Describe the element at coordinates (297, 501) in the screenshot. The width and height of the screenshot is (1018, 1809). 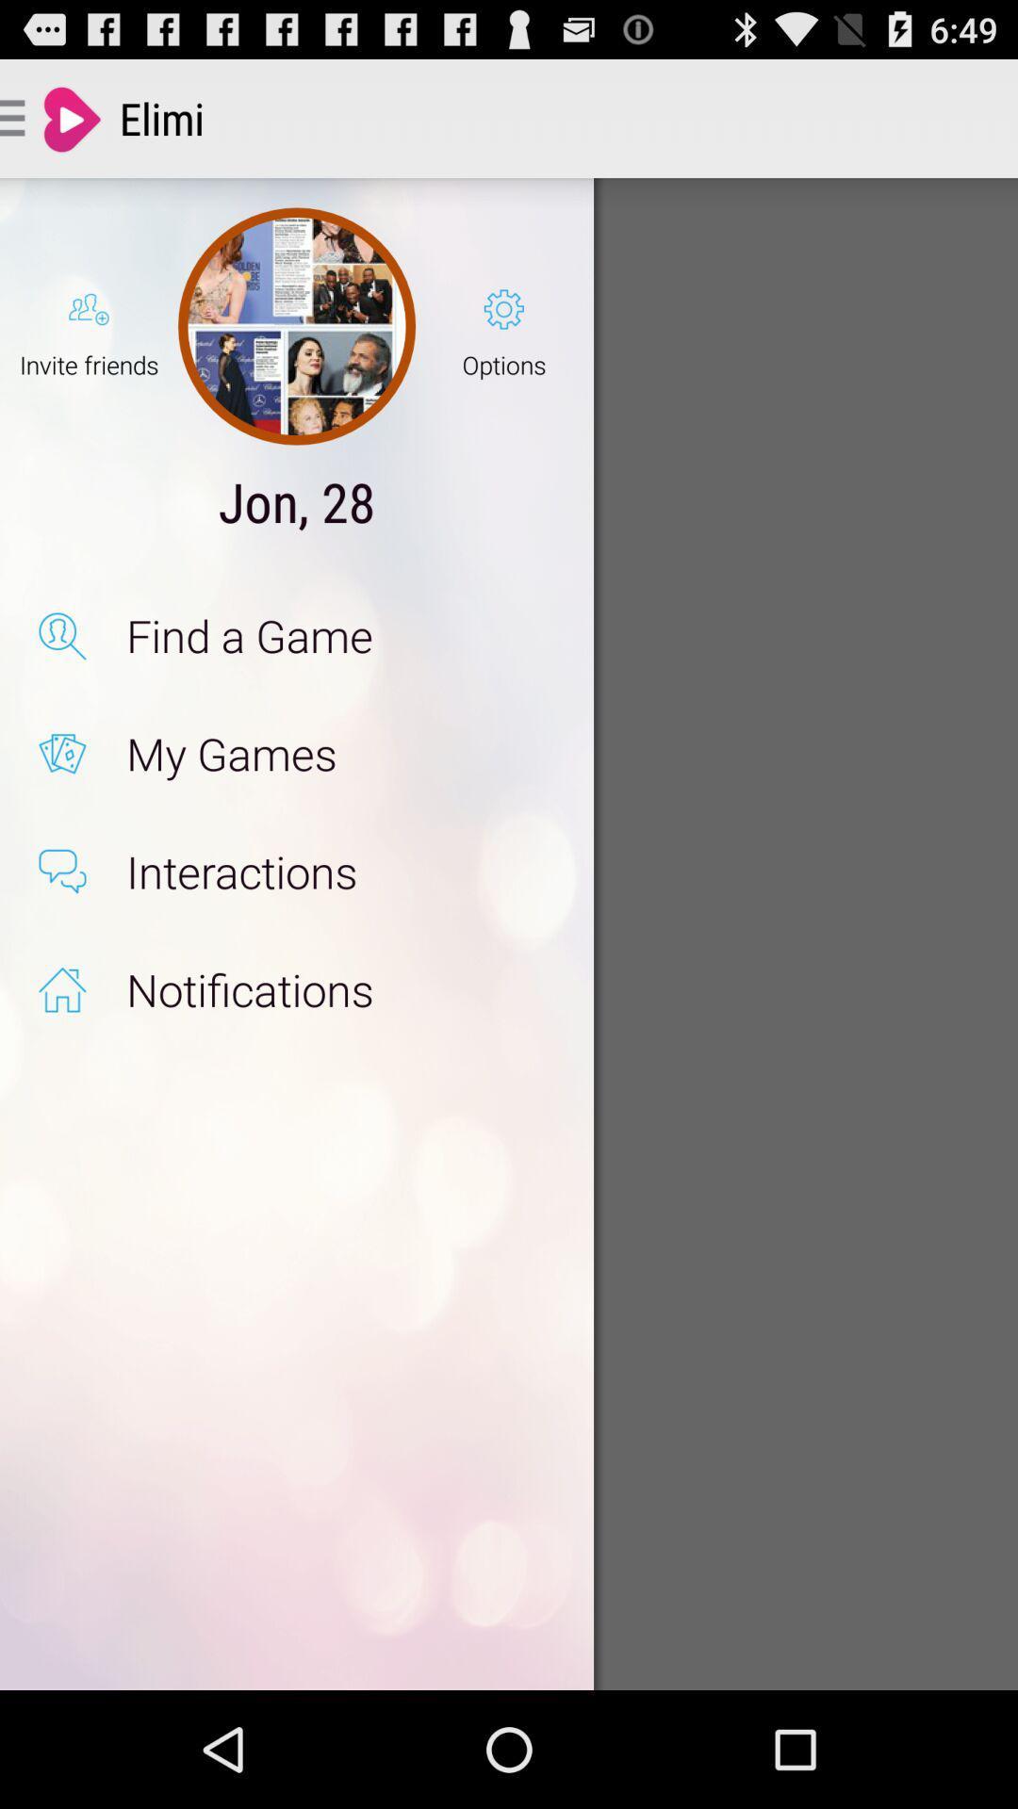
I see `the app above find a game item` at that location.